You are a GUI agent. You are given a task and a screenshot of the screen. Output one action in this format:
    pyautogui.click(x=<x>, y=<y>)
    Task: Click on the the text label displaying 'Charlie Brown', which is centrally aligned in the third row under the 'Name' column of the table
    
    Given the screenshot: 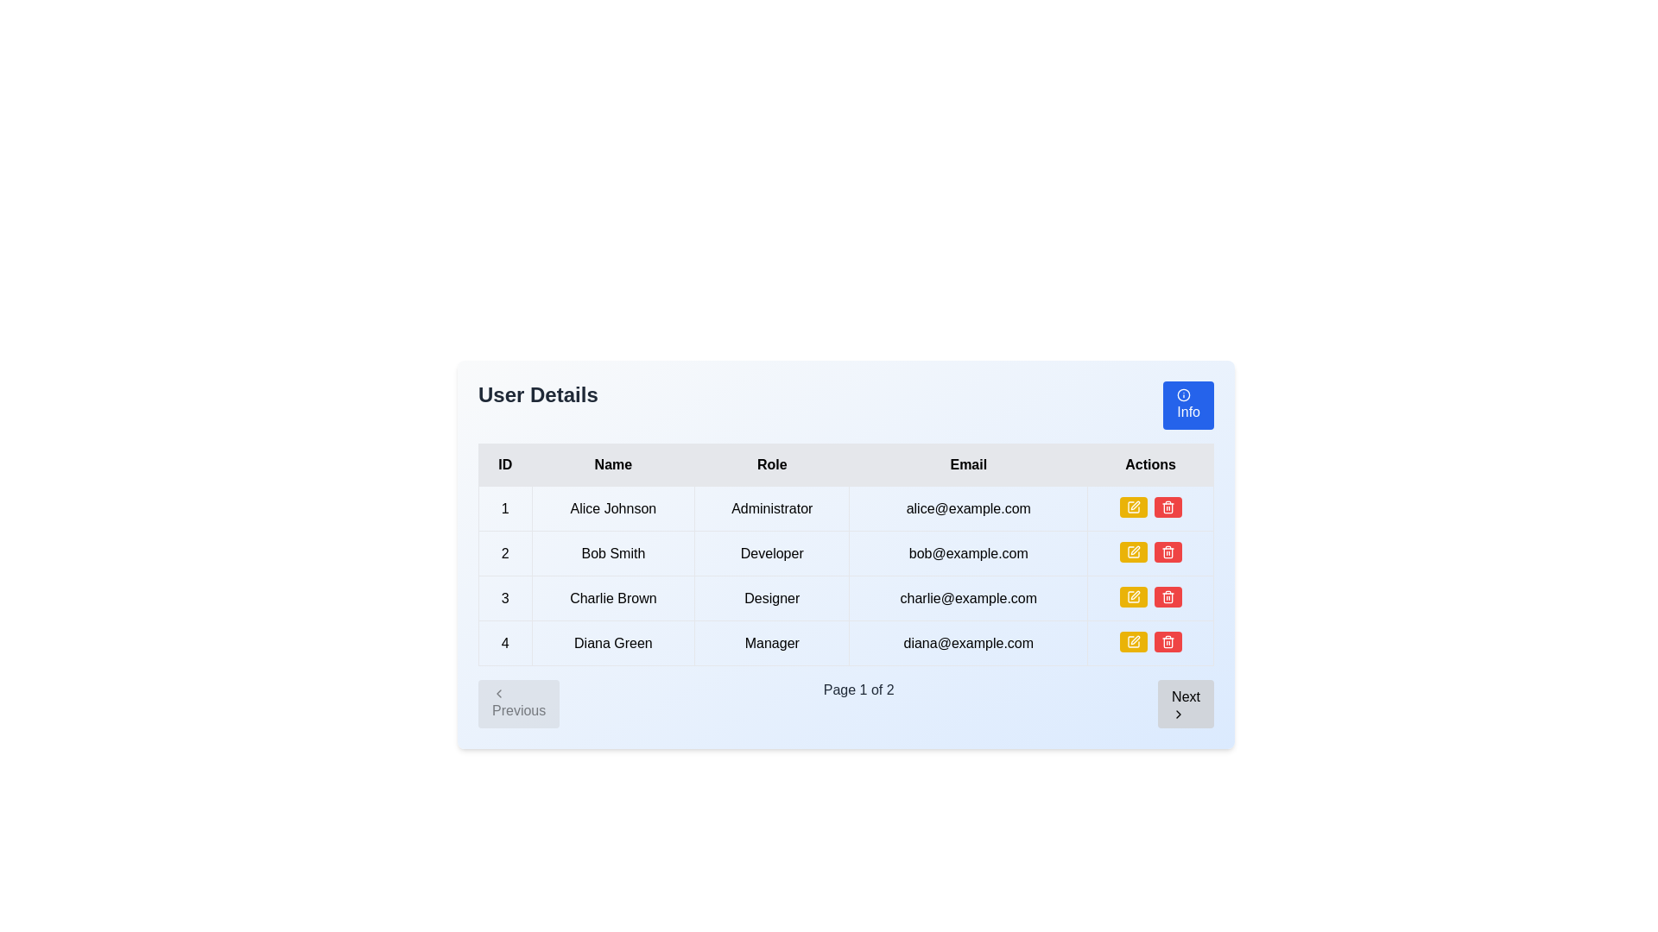 What is the action you would take?
    pyautogui.click(x=613, y=597)
    